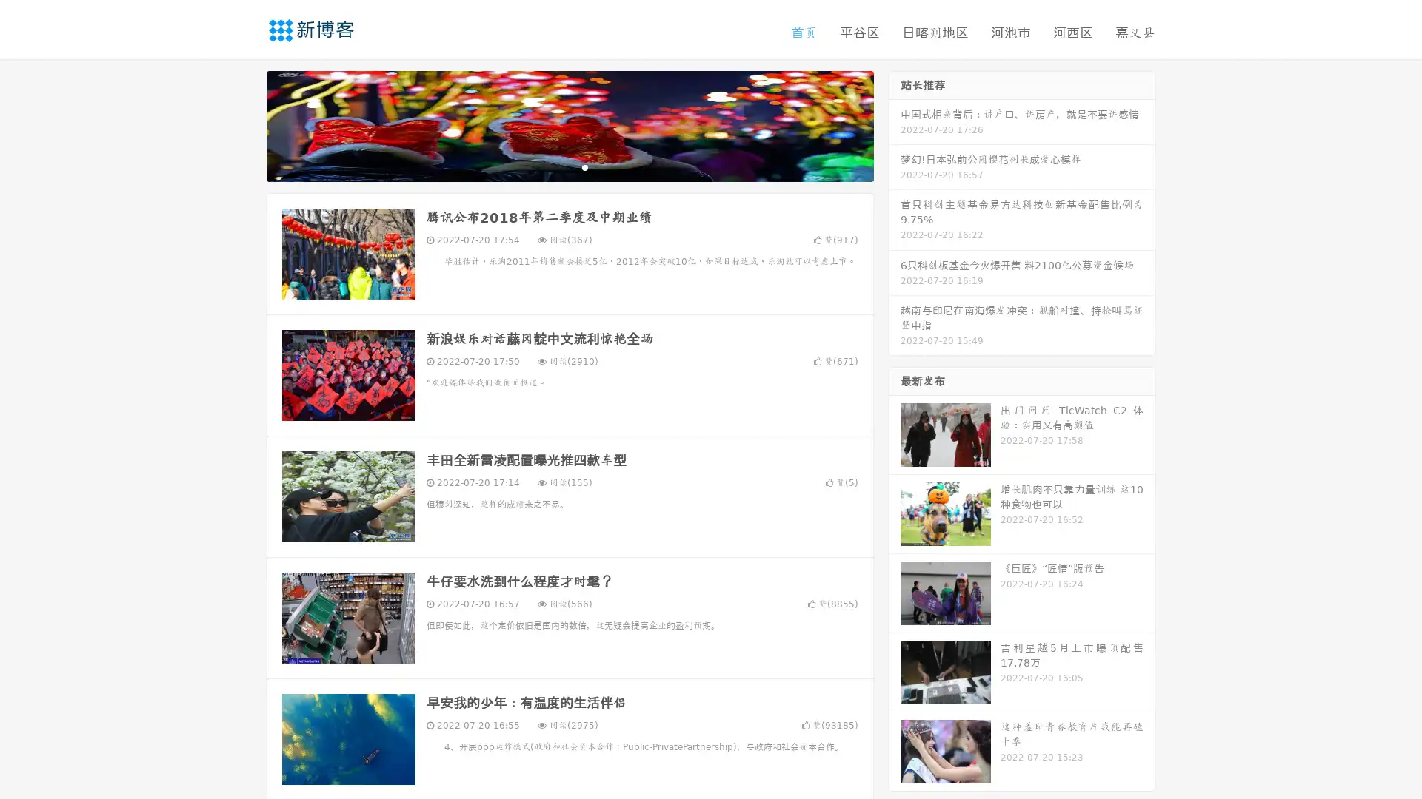 The image size is (1422, 799). What do you see at coordinates (554, 166) in the screenshot?
I see `Go to slide 1` at bounding box center [554, 166].